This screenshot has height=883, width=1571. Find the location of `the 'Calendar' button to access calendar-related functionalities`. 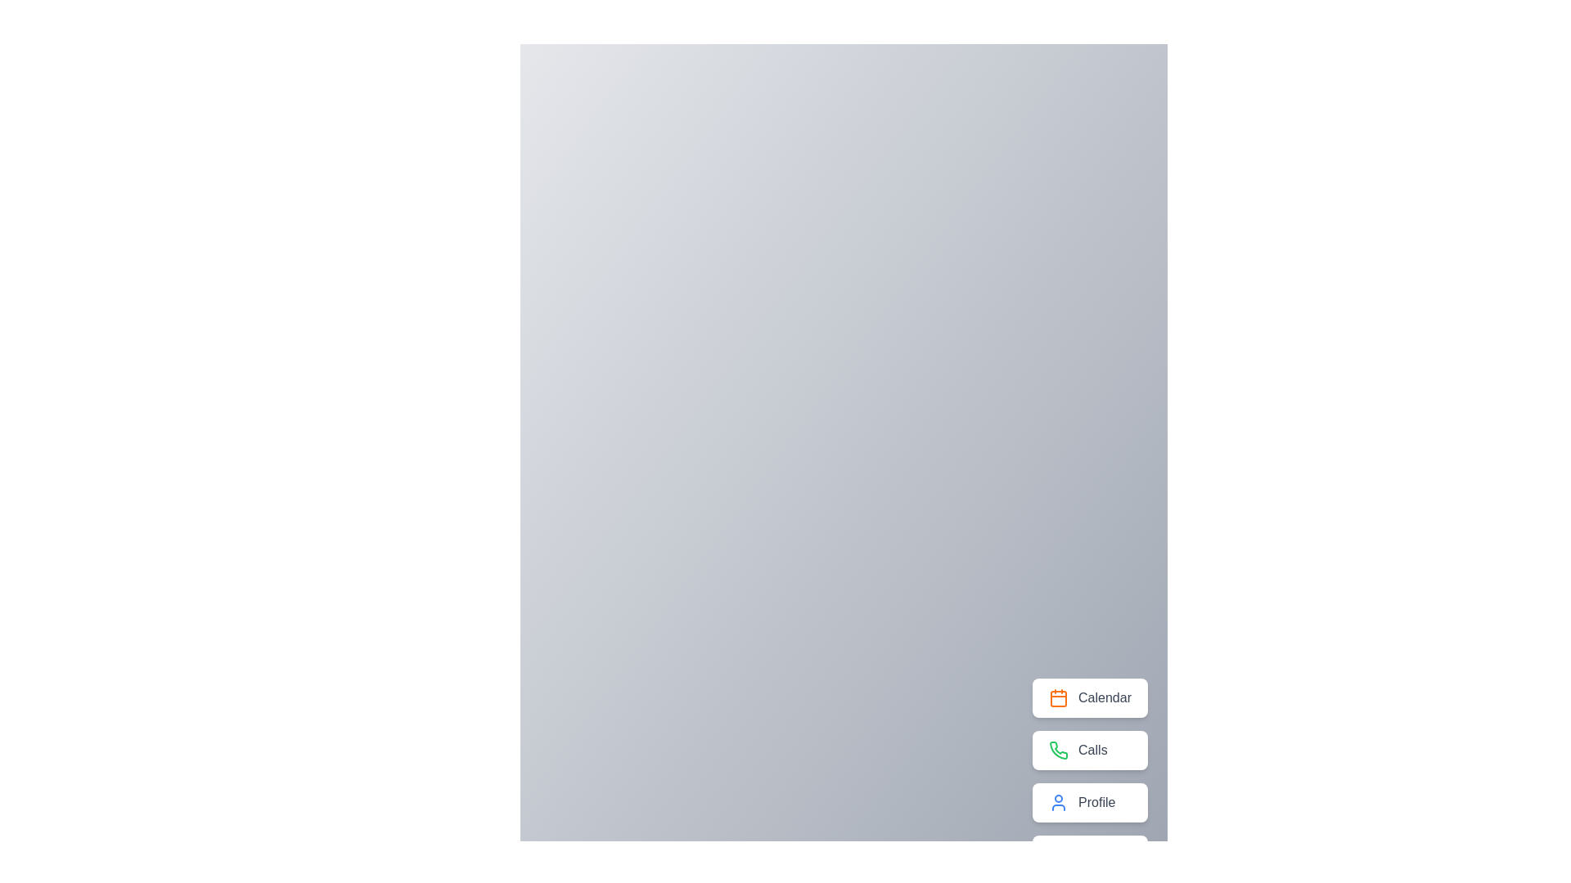

the 'Calendar' button to access calendar-related functionalities is located at coordinates (1089, 697).